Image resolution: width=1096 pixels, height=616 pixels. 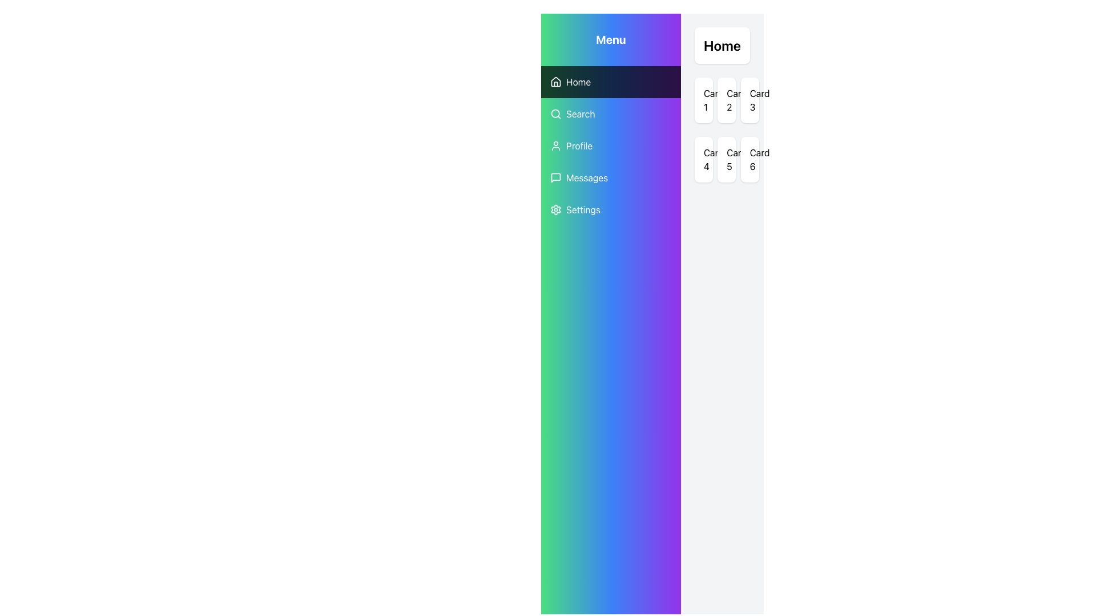 What do you see at coordinates (556, 178) in the screenshot?
I see `the small SVG graphic of a rounded speech bubble or chat icon located in the left sidebar menu, which is directly to the left of the 'Messages' text label` at bounding box center [556, 178].